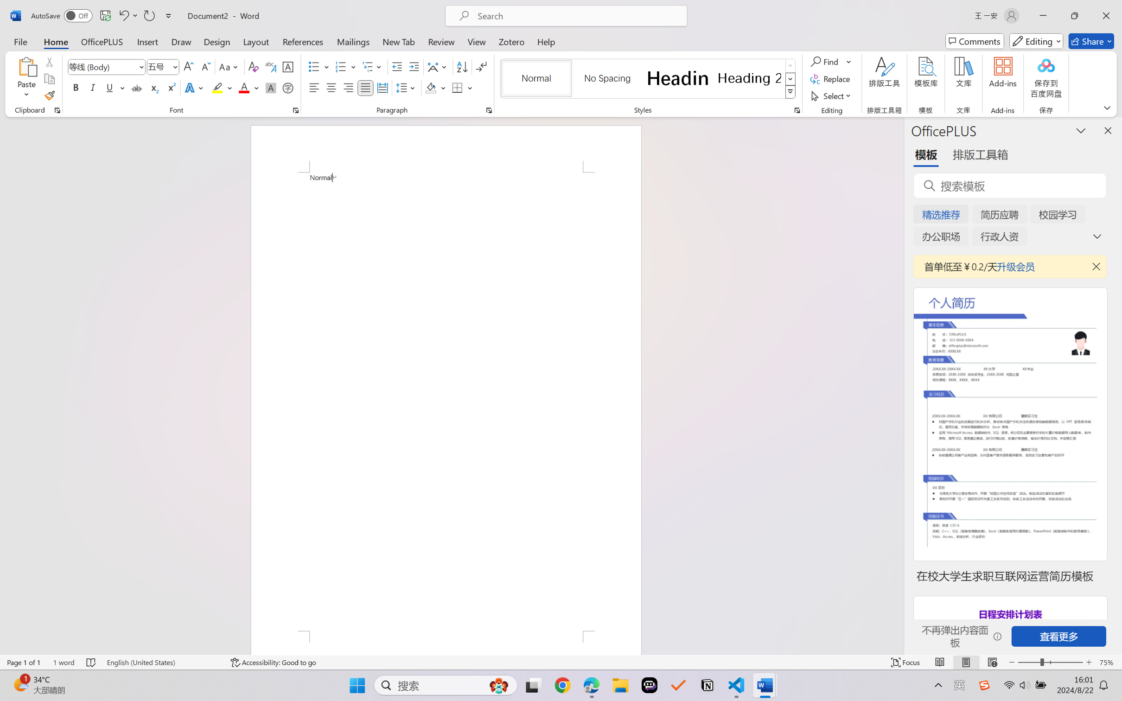  Describe the element at coordinates (481, 67) in the screenshot. I see `'Show/Hide Editing Marks'` at that location.